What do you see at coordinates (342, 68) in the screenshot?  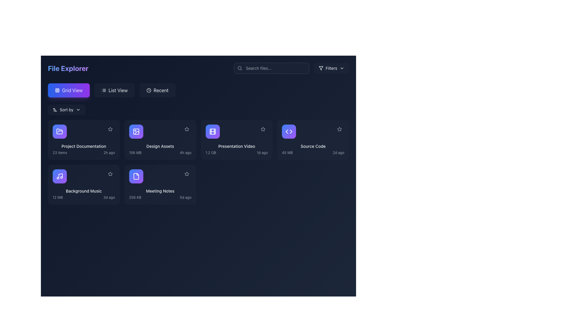 I see `the chevron icon that indicates the dropdown menu associated with the 'Filters' button, located at the right end of the search bar` at bounding box center [342, 68].